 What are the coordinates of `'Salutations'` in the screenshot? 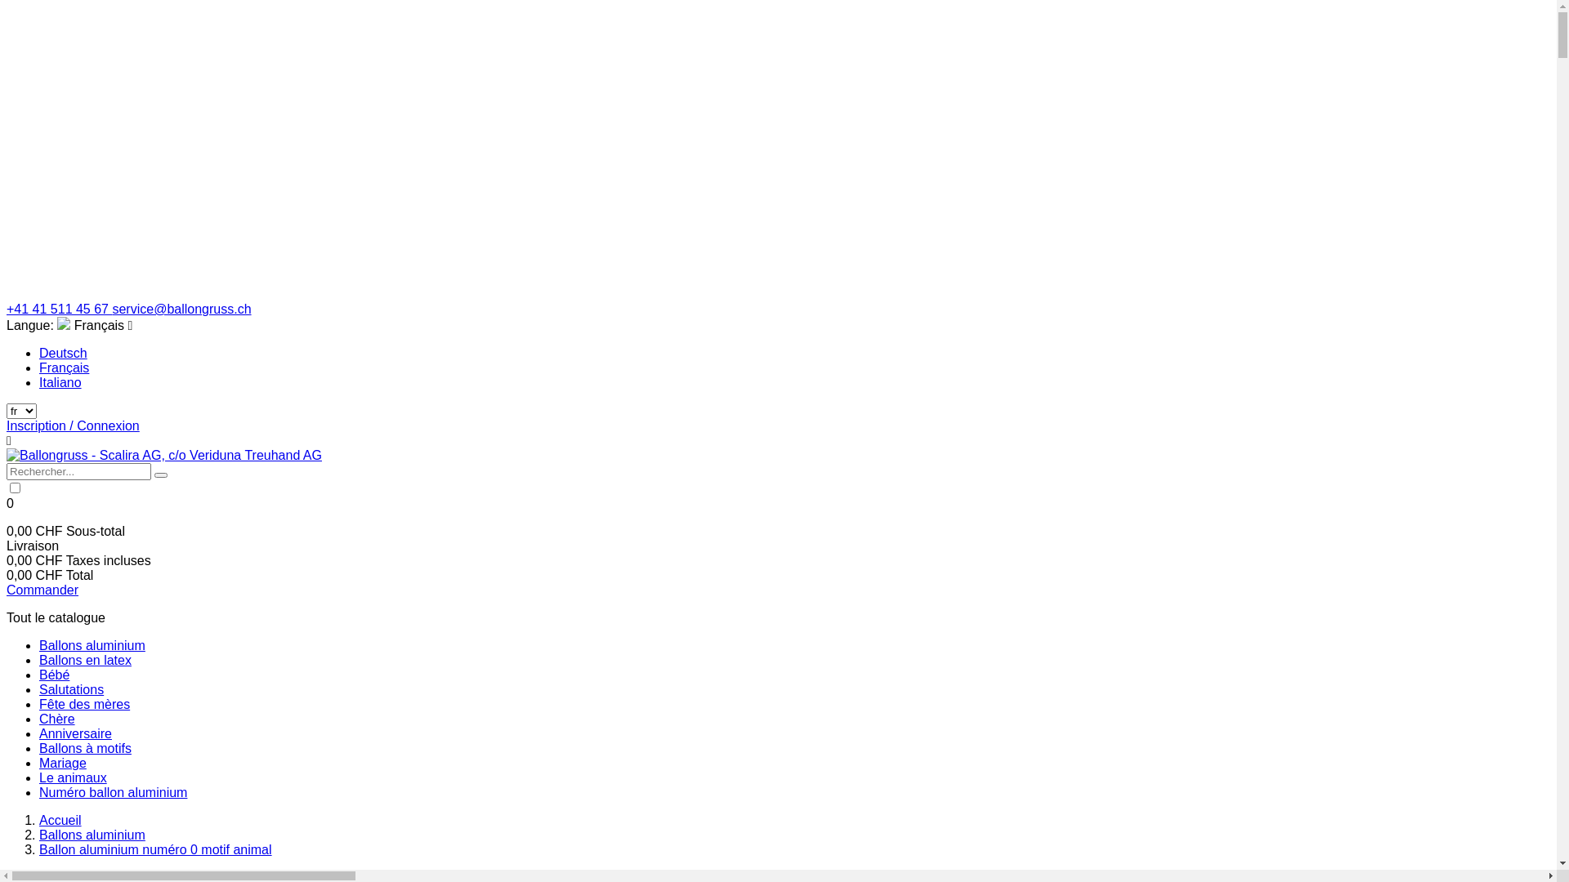 It's located at (70, 689).